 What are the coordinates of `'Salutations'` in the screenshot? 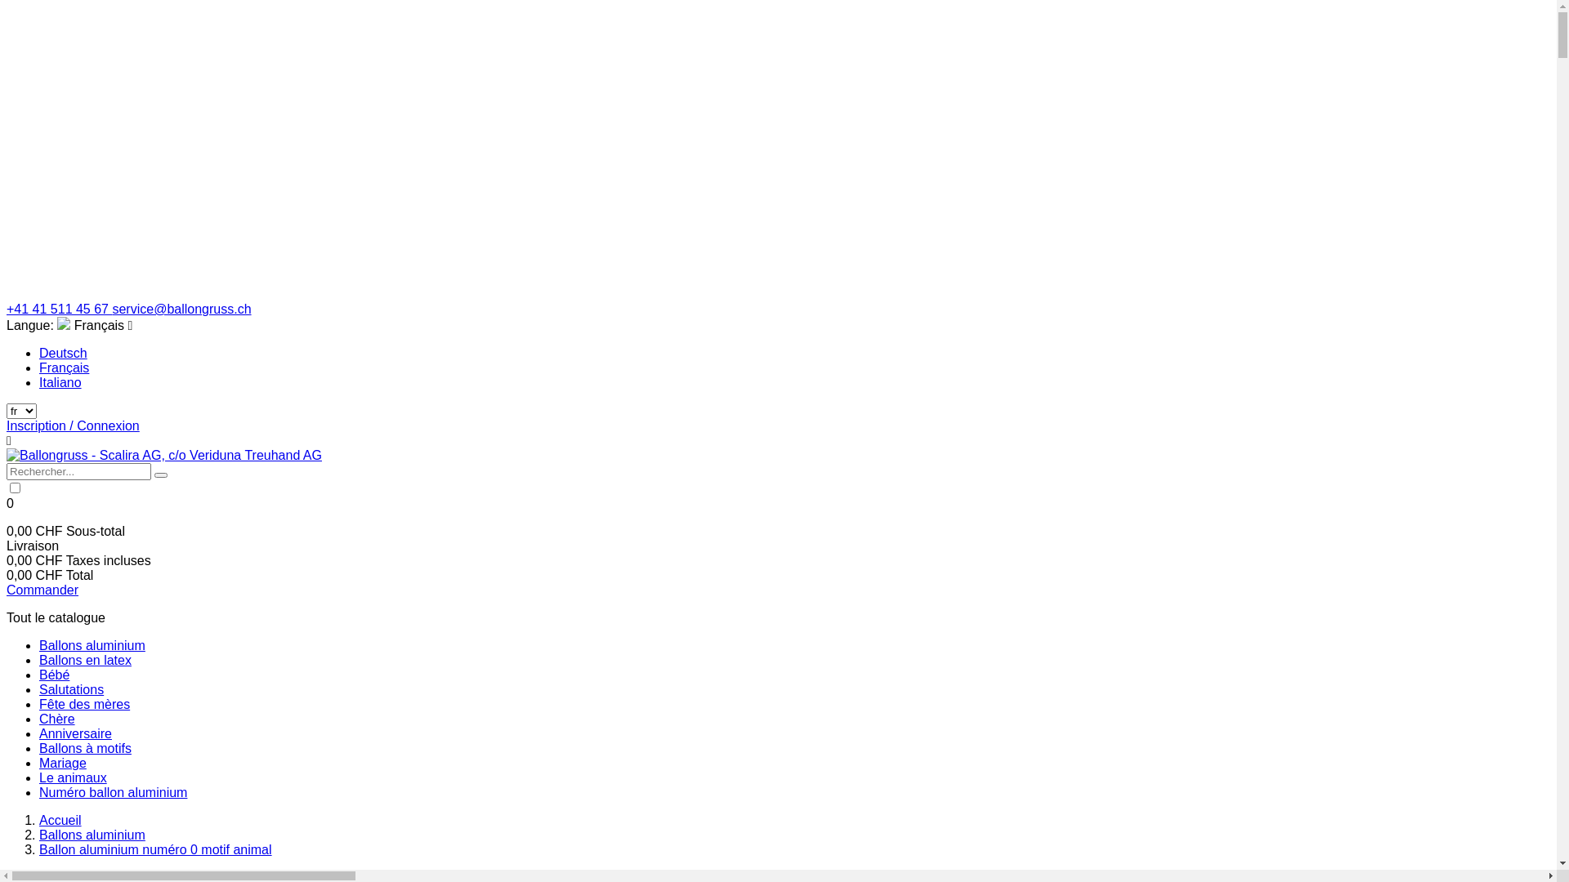 It's located at (70, 689).